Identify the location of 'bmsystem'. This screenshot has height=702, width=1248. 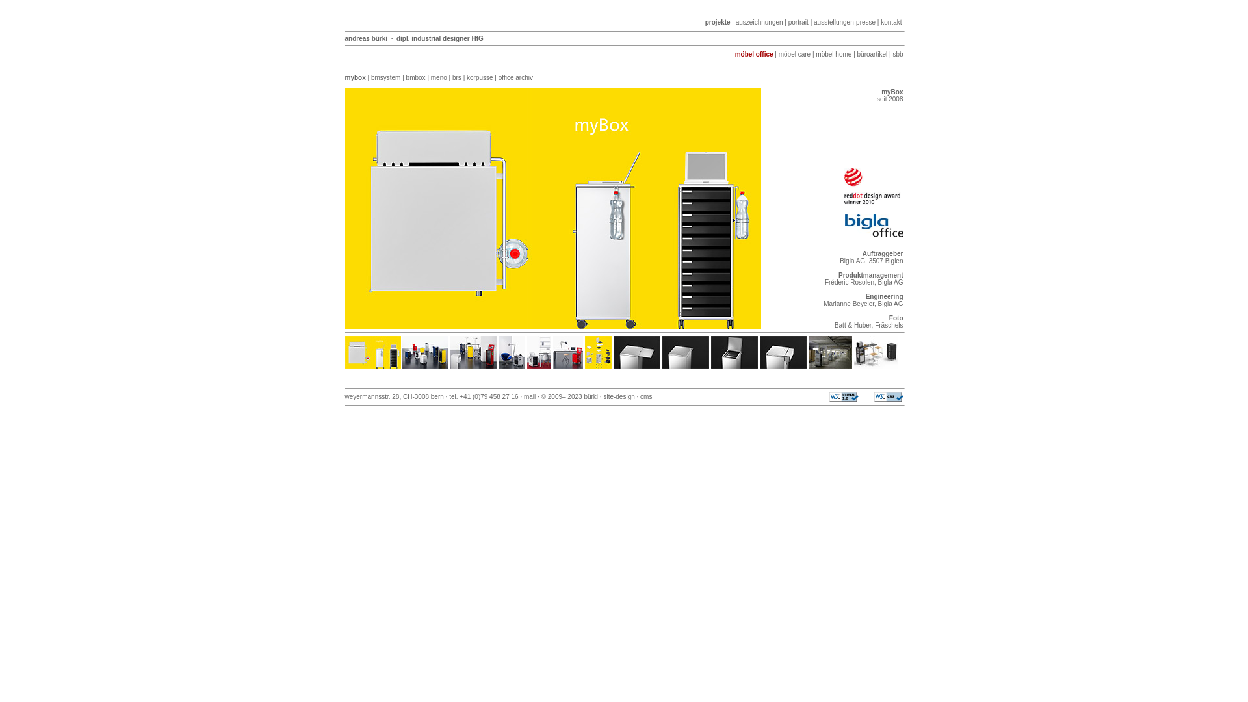
(385, 77).